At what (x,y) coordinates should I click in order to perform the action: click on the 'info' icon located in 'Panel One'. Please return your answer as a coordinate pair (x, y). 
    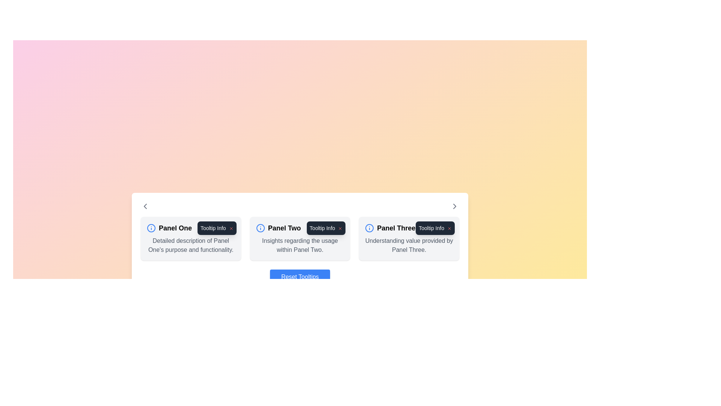
    Looking at the image, I should click on (260, 227).